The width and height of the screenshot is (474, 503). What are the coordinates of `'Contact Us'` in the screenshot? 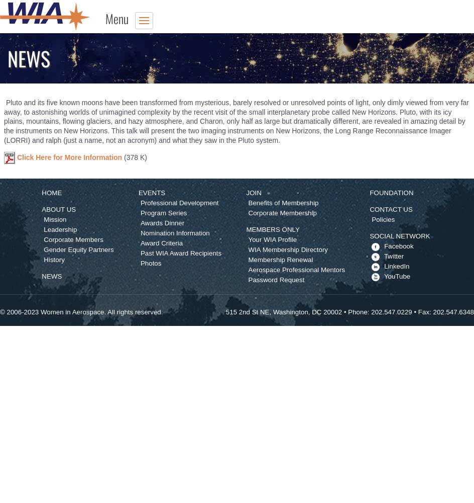 It's located at (390, 209).